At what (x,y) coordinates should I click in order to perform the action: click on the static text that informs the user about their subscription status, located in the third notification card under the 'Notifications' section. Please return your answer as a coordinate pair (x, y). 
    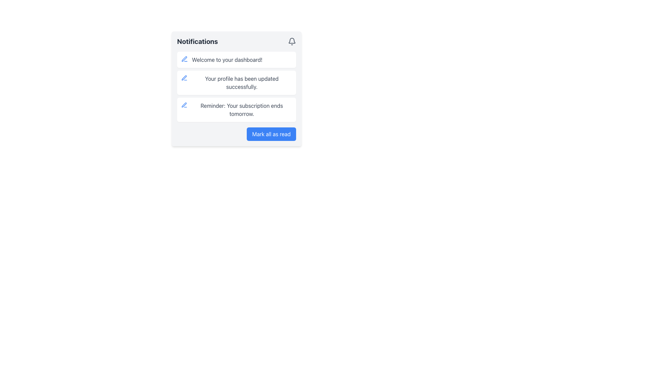
    Looking at the image, I should click on (242, 109).